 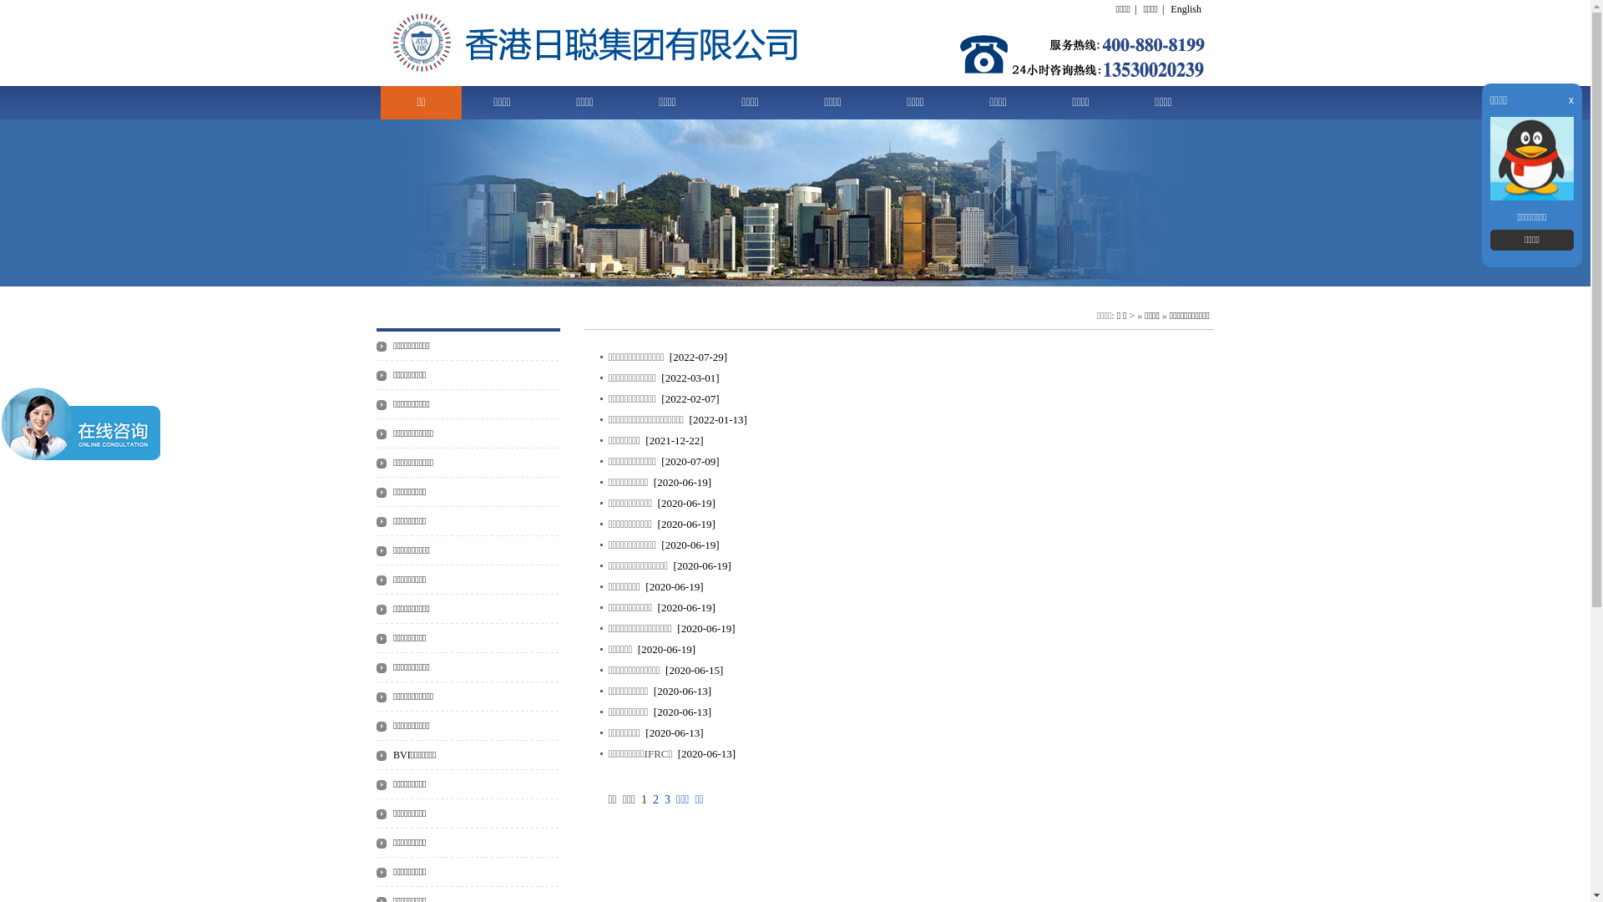 What do you see at coordinates (1185, 9) in the screenshot?
I see `'English'` at bounding box center [1185, 9].